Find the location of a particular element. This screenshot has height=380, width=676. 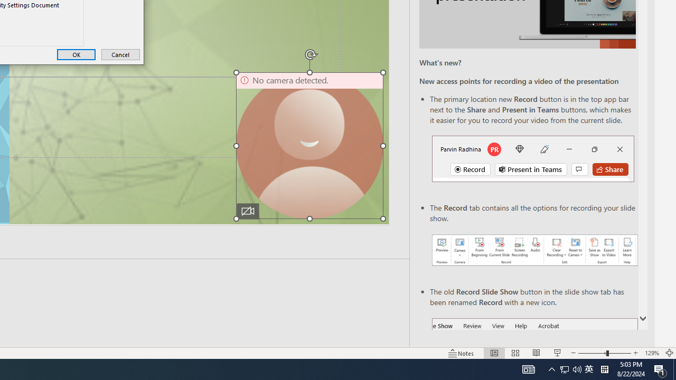

'Zoom 129%' is located at coordinates (651, 353).